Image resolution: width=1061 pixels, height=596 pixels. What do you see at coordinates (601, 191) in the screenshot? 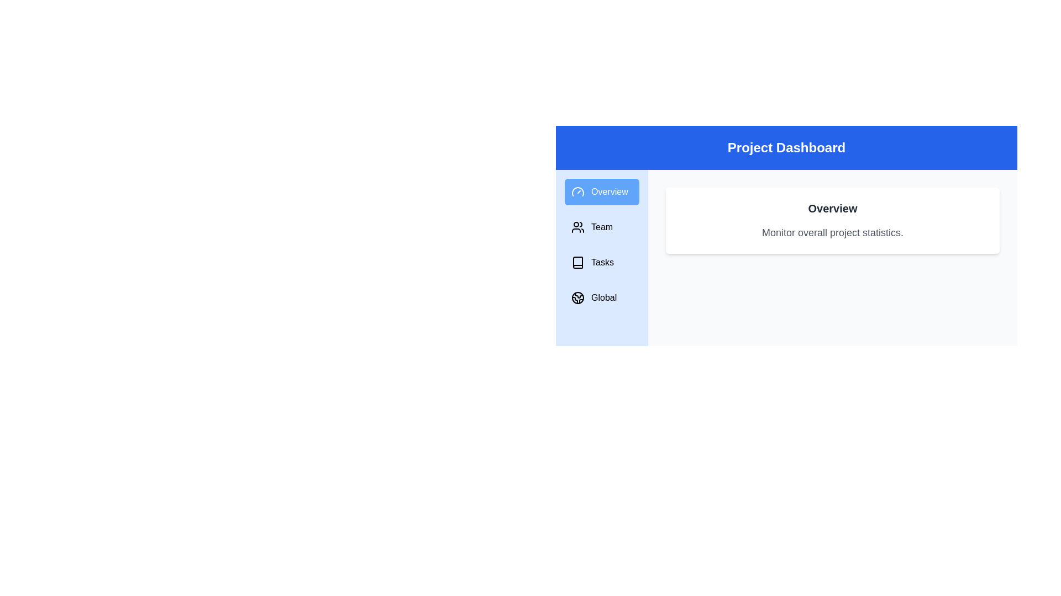
I see `the Overview tab in the sidebar navigation menu` at bounding box center [601, 191].